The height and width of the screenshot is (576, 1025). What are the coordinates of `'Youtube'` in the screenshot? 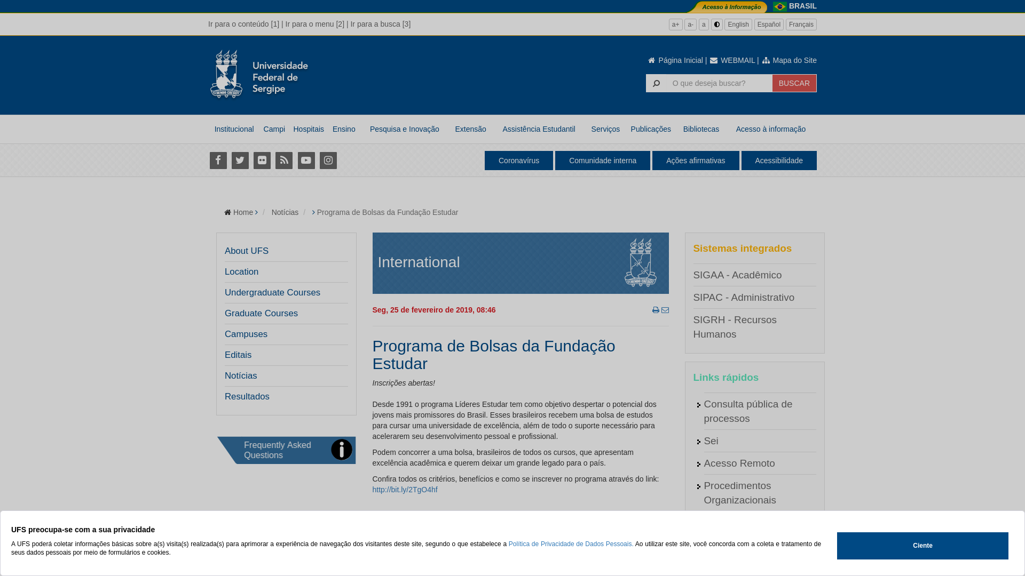 It's located at (296, 160).